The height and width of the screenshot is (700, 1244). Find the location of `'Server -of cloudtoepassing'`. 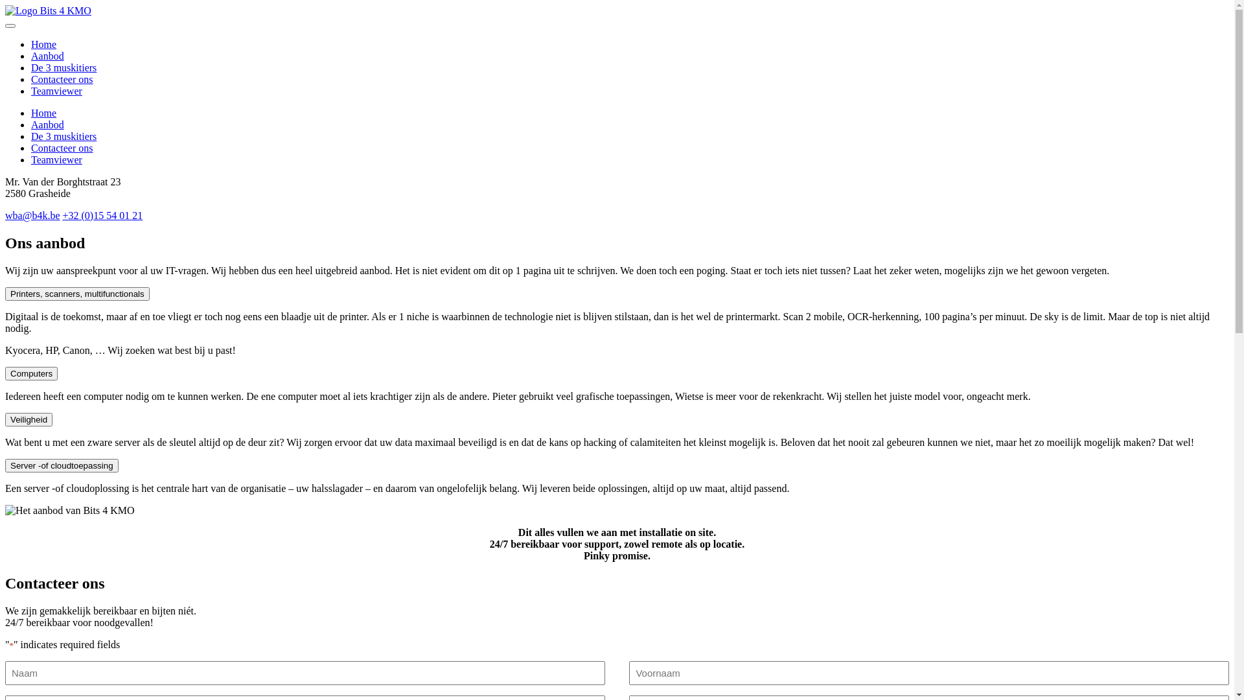

'Server -of cloudtoepassing' is located at coordinates (61, 465).